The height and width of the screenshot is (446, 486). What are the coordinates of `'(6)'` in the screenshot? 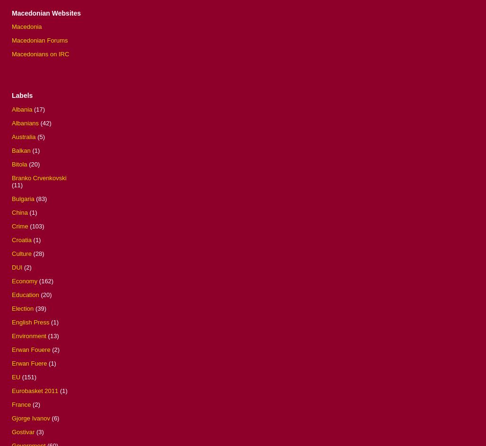 It's located at (51, 418).